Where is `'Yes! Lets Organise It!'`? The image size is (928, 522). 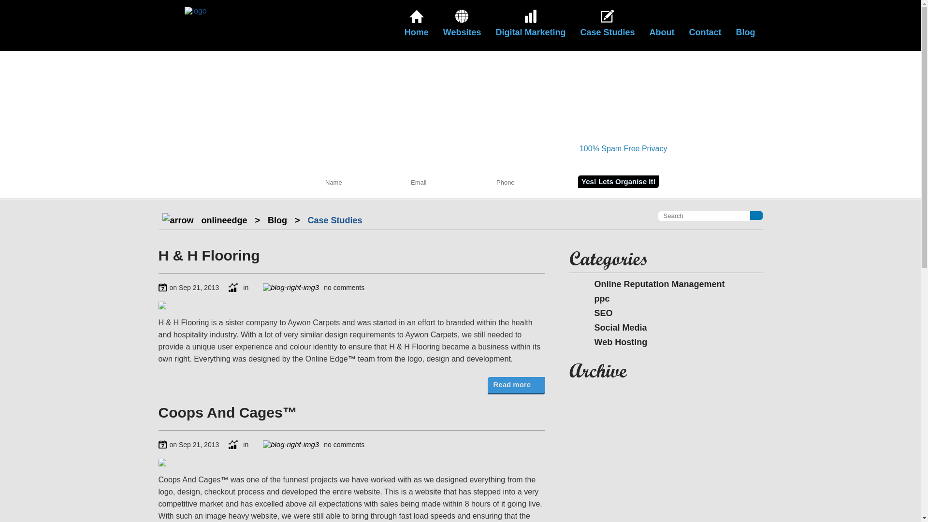 'Yes! Lets Organise It!' is located at coordinates (618, 181).